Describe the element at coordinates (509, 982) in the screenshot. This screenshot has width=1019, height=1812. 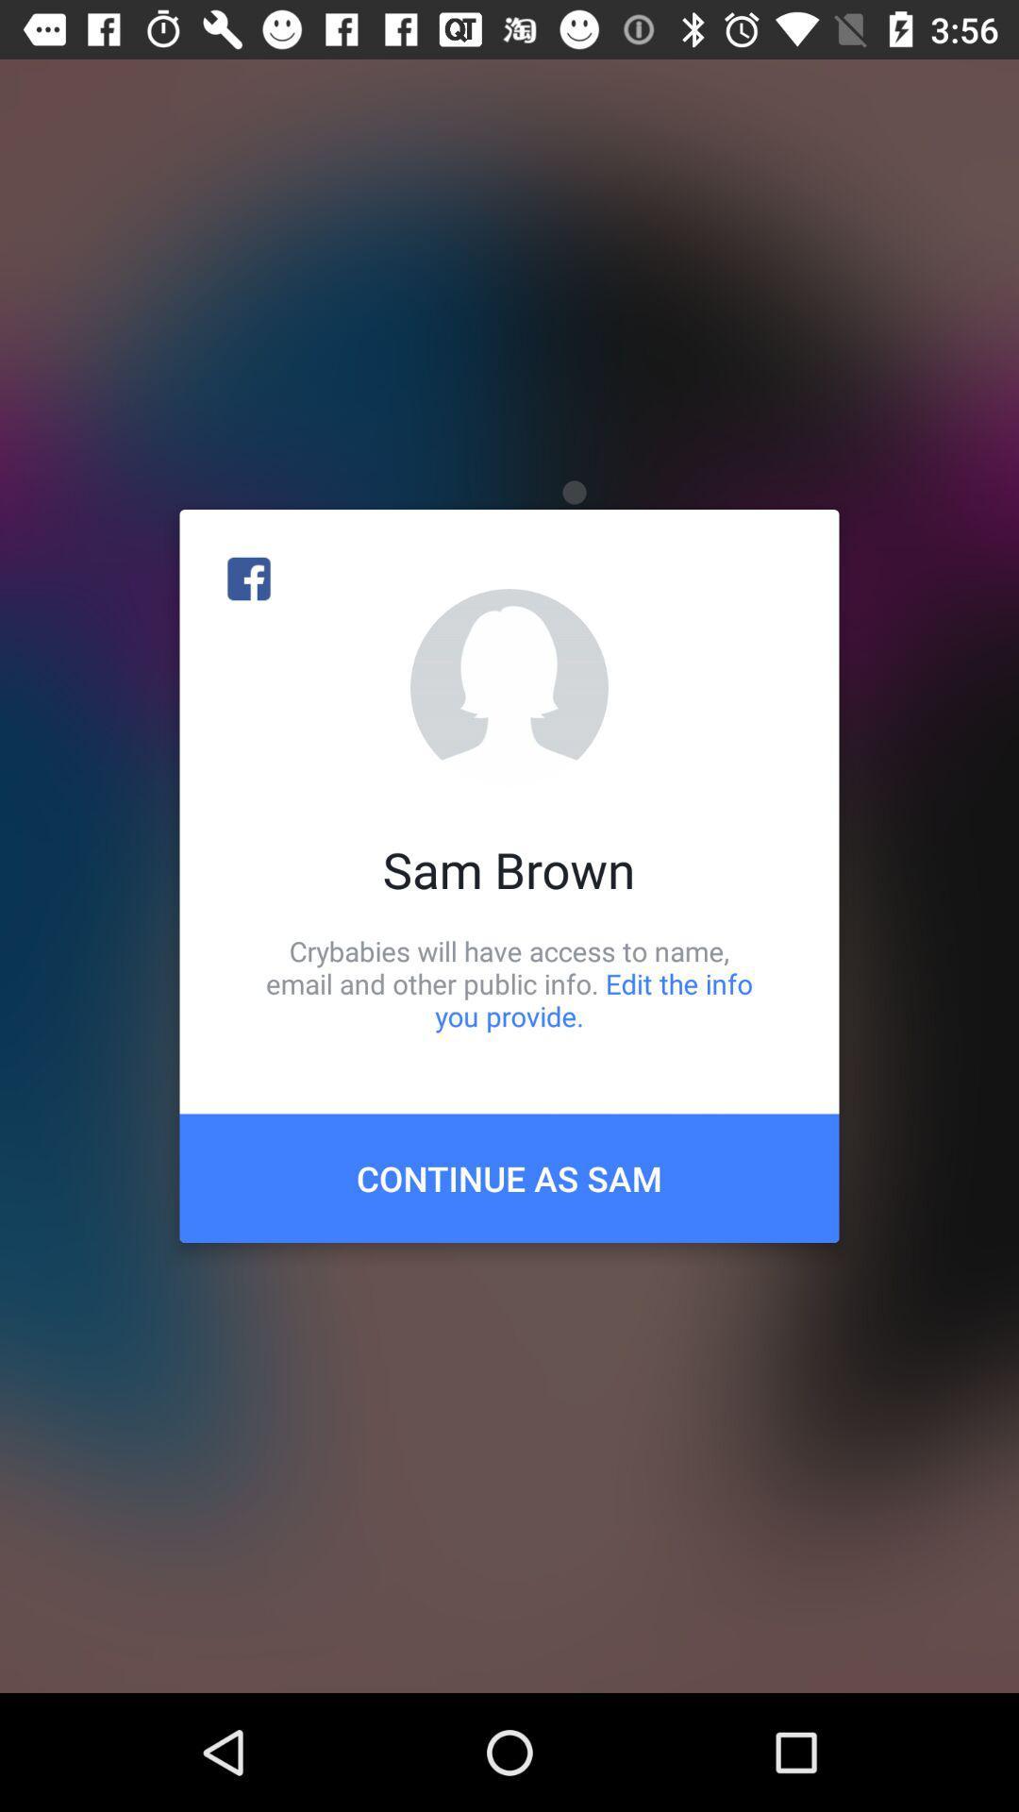
I see `the icon below sam brown item` at that location.